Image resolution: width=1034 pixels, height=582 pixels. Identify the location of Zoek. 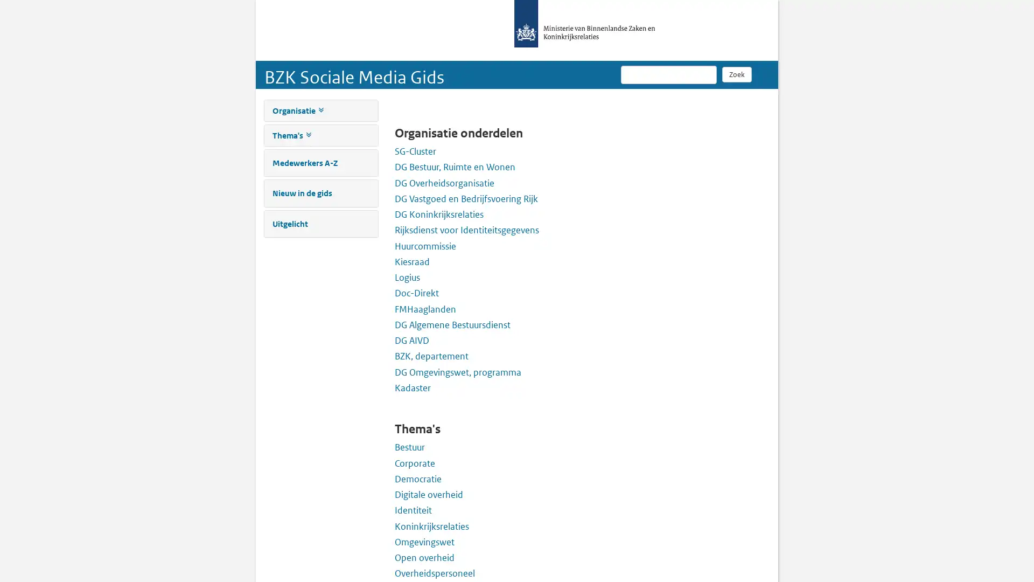
(736, 74).